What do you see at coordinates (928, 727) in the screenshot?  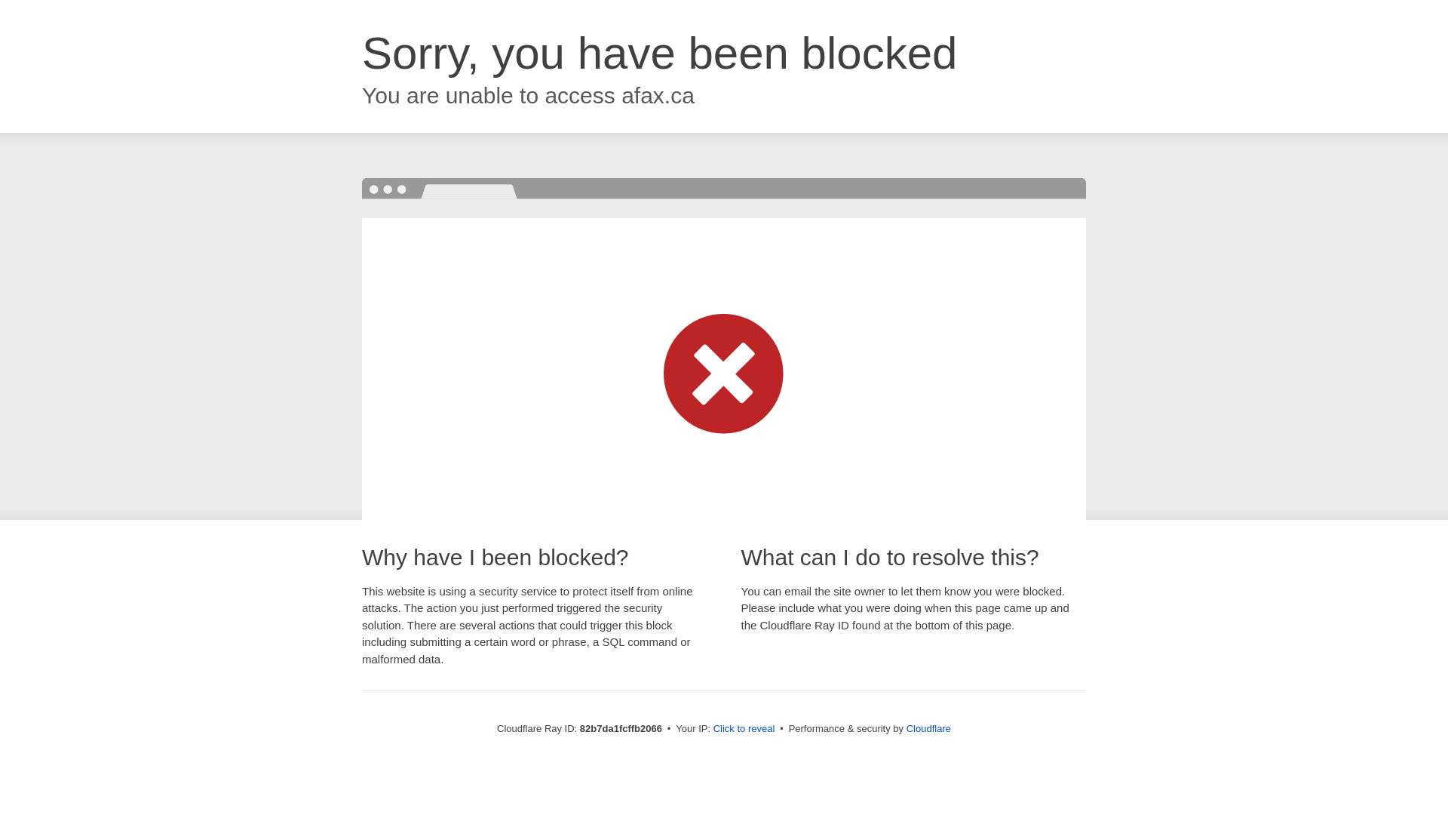 I see `'Cloudflare'` at bounding box center [928, 727].